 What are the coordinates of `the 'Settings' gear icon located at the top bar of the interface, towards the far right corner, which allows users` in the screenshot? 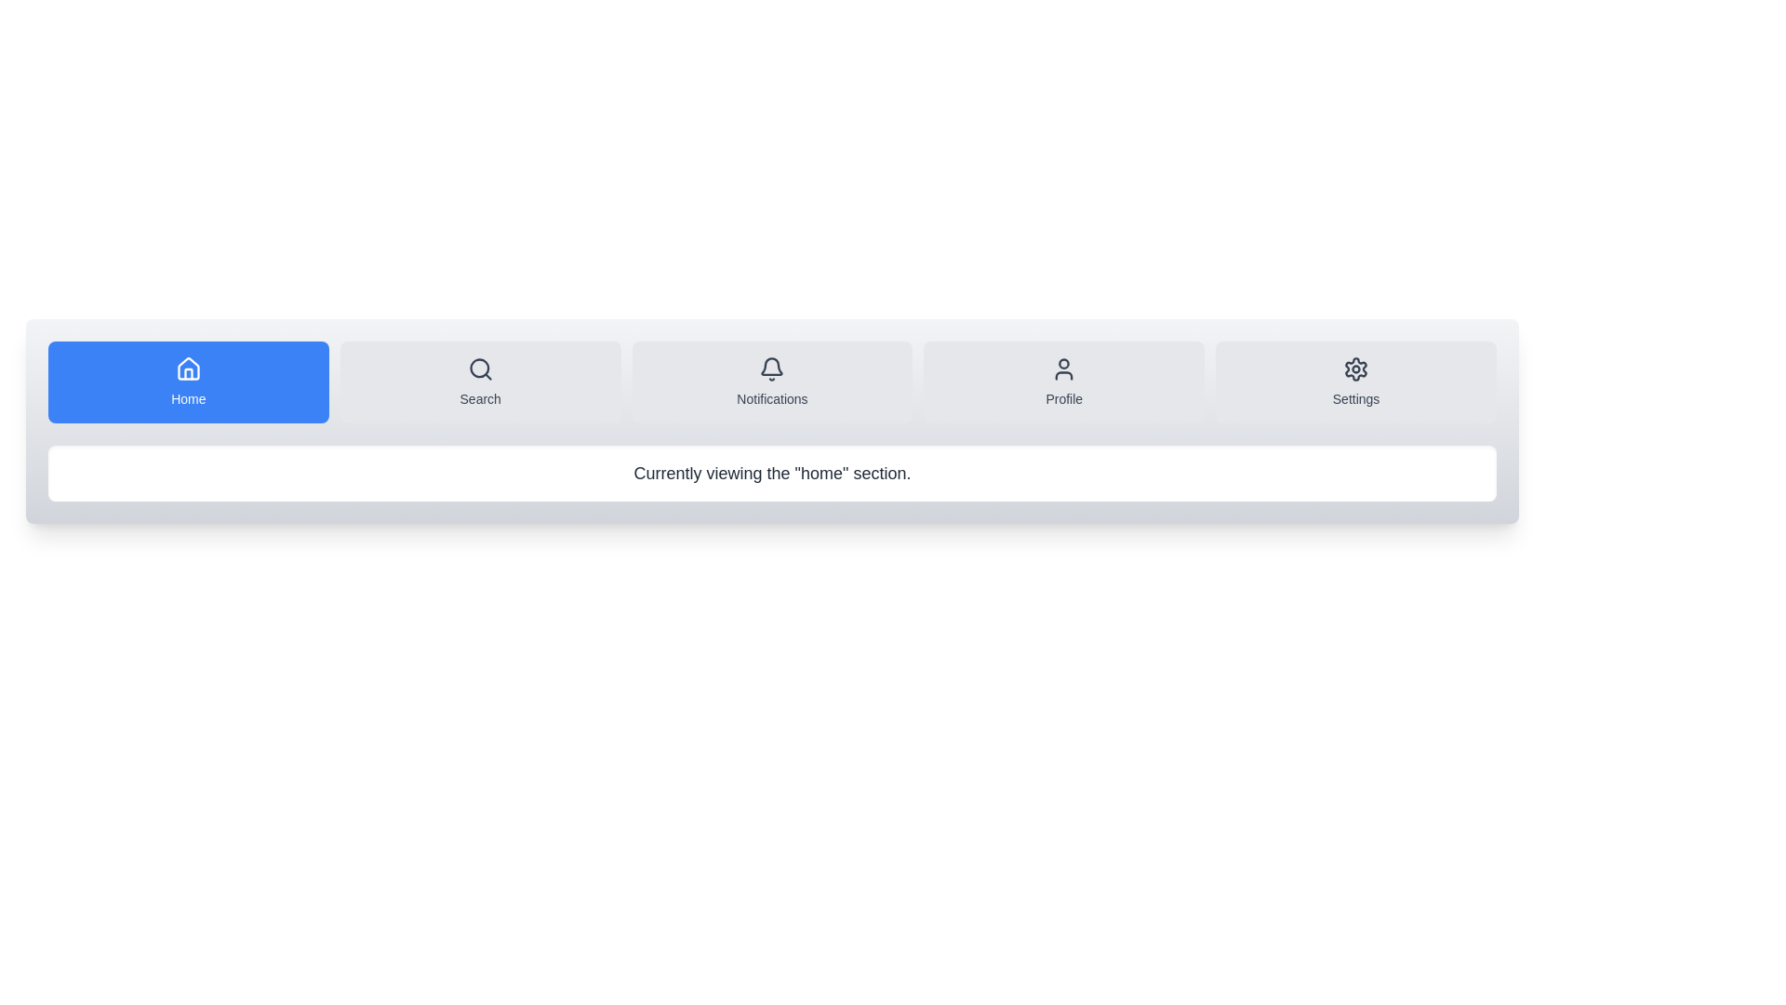 It's located at (1356, 369).